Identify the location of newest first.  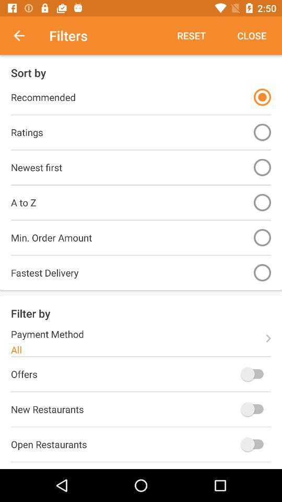
(262, 167).